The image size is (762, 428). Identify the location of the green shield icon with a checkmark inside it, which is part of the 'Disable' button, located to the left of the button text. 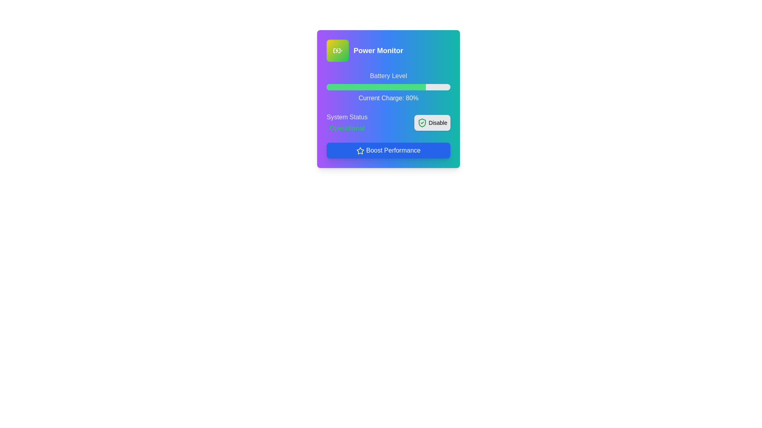
(422, 122).